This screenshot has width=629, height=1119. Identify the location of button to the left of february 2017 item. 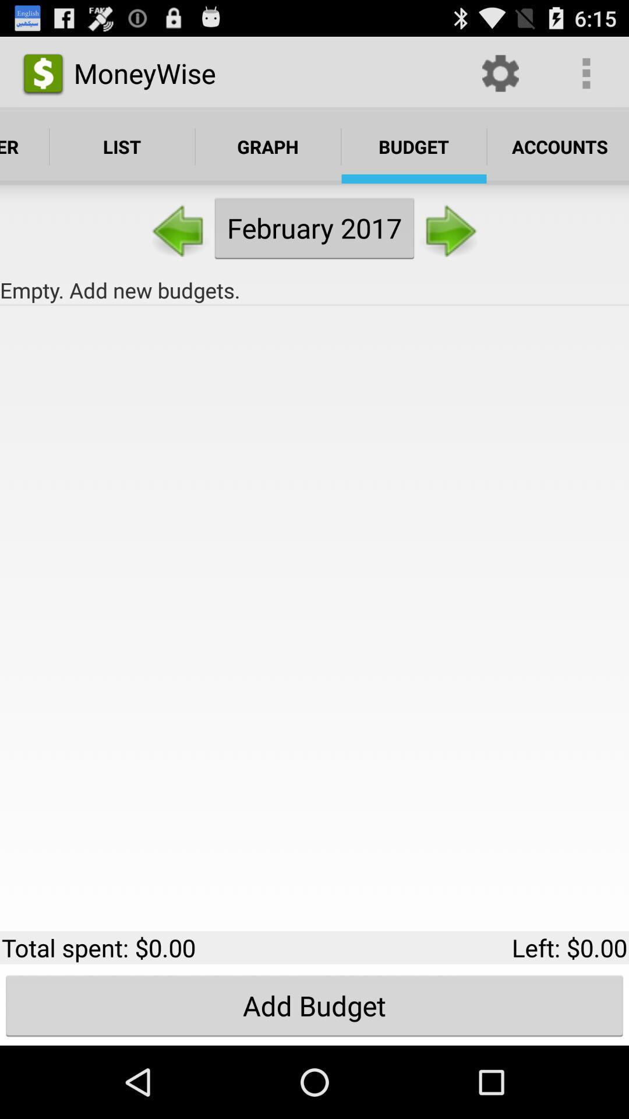
(179, 228).